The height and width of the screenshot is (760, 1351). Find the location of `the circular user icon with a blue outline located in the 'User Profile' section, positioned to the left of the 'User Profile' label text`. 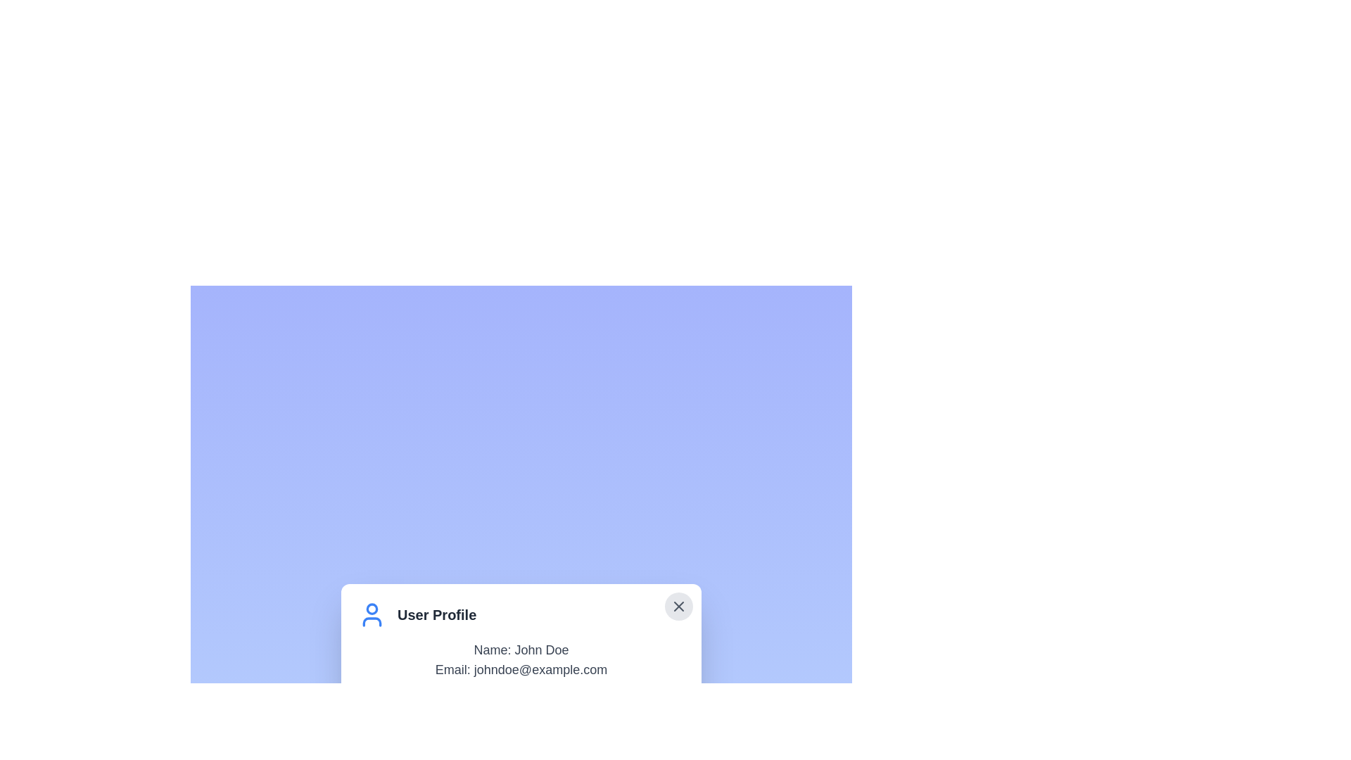

the circular user icon with a blue outline located in the 'User Profile' section, positioned to the left of the 'User Profile' label text is located at coordinates (372, 614).